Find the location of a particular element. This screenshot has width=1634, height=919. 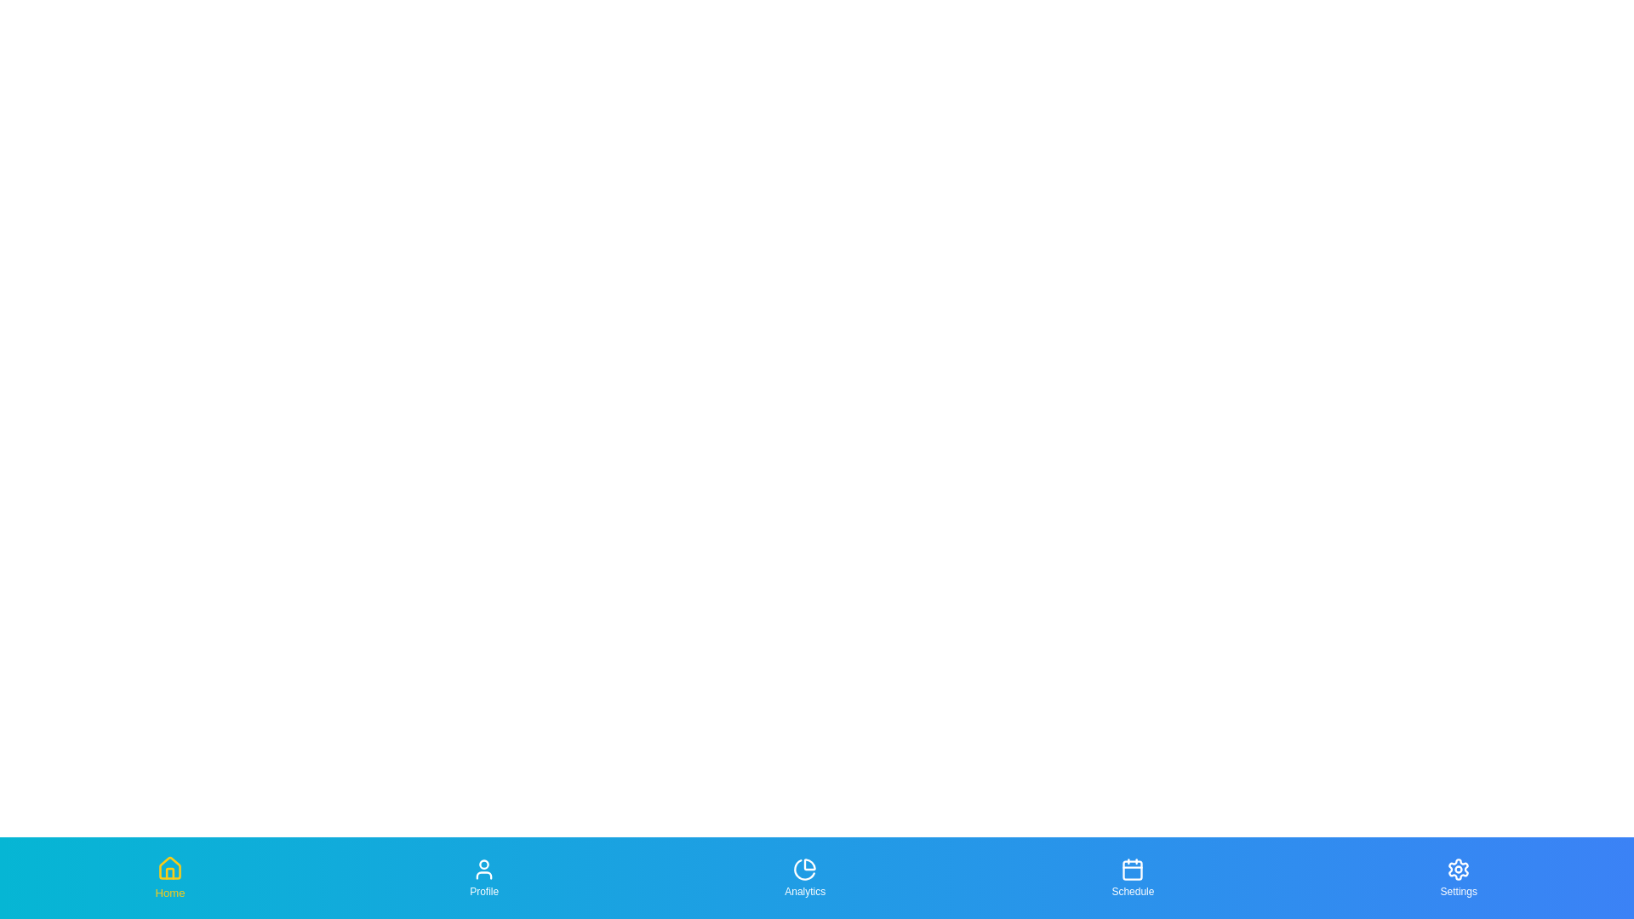

the Home tab in the bottom navigation bar is located at coordinates (170, 878).